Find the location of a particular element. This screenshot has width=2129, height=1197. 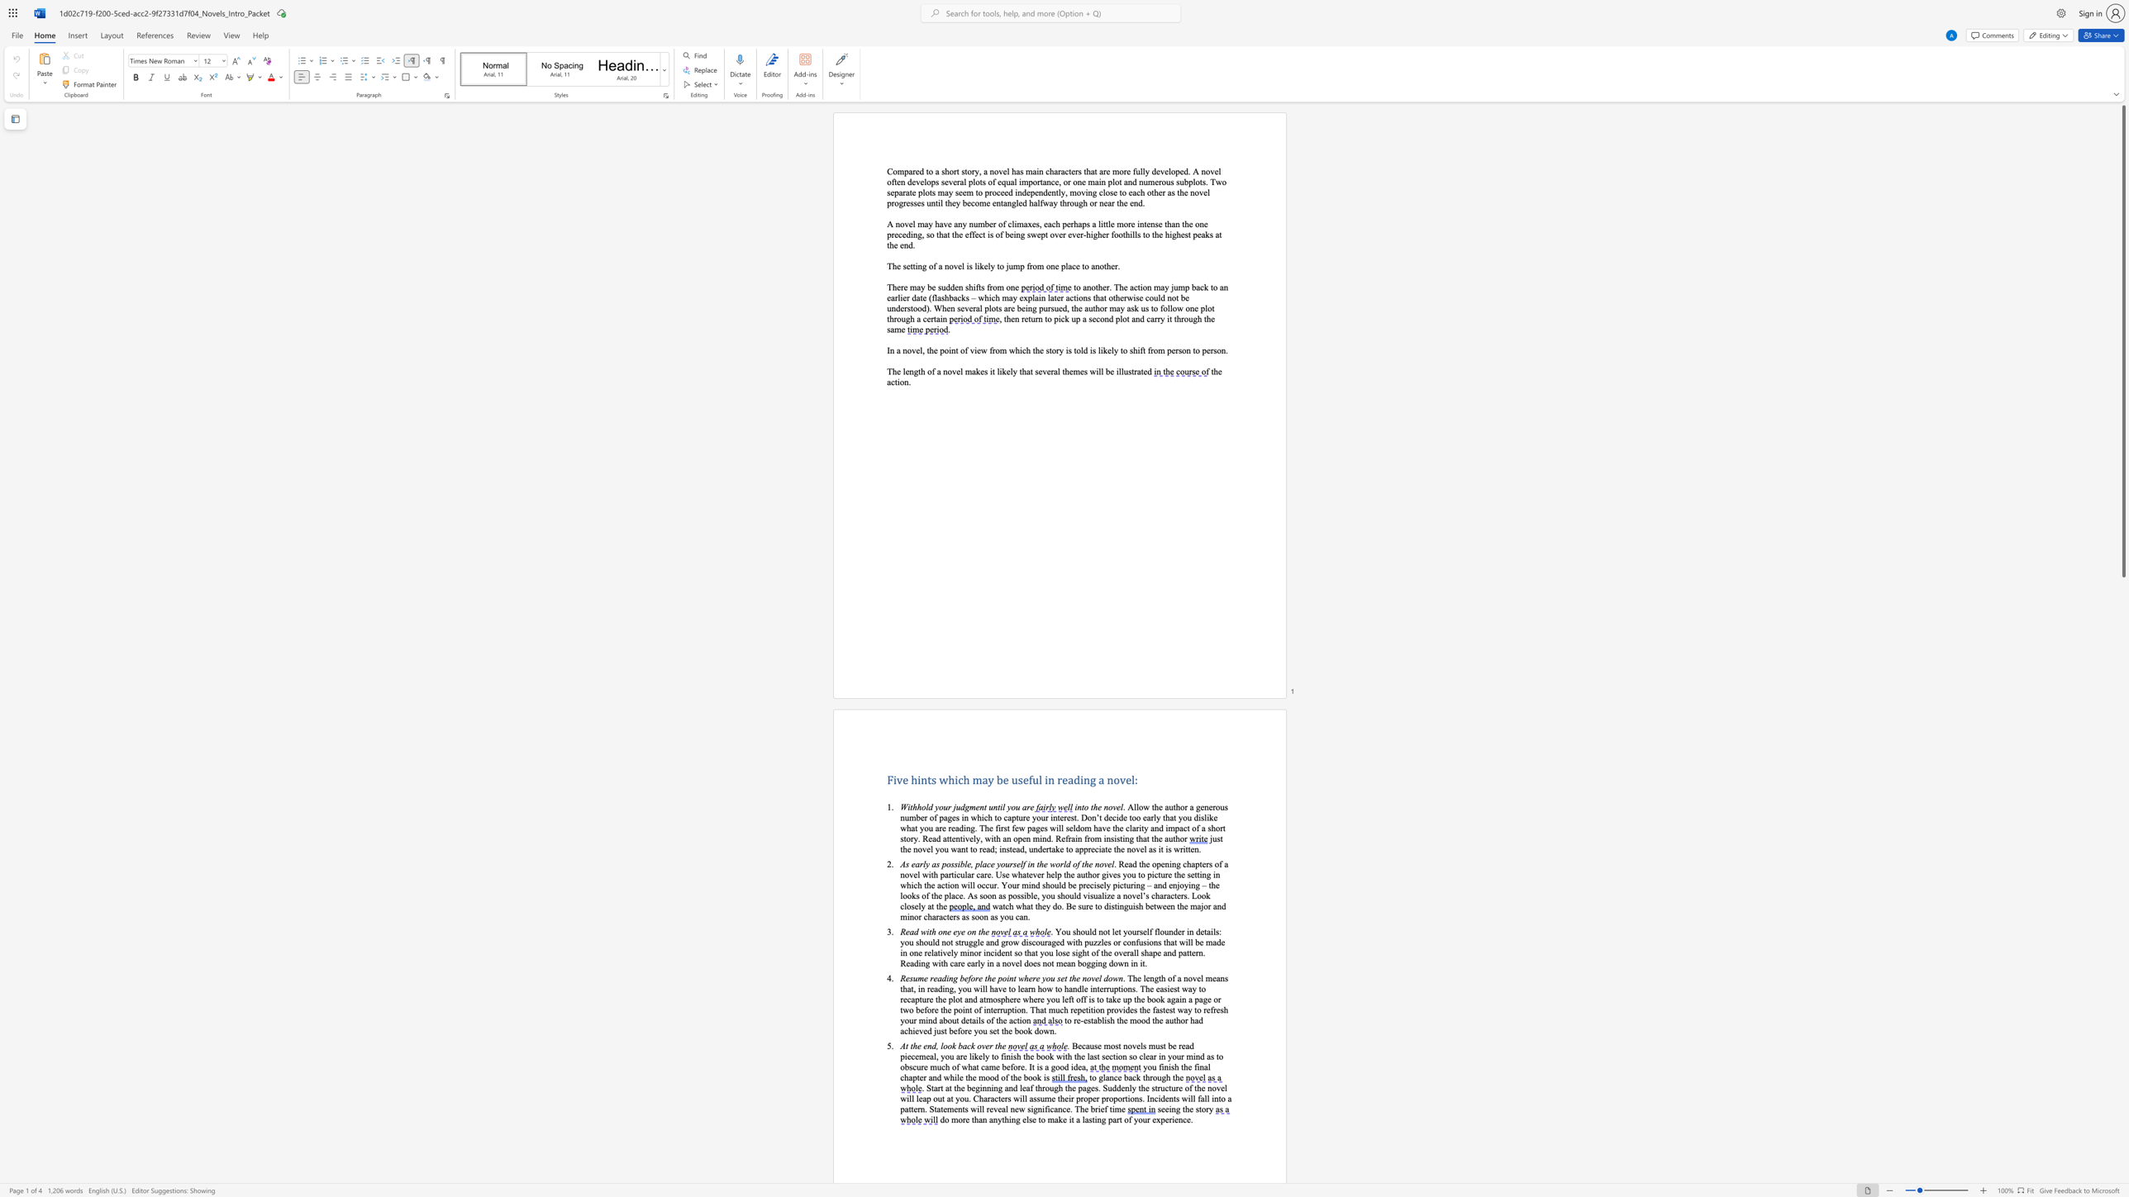

the 1th character "C" in the text is located at coordinates (976, 1098).